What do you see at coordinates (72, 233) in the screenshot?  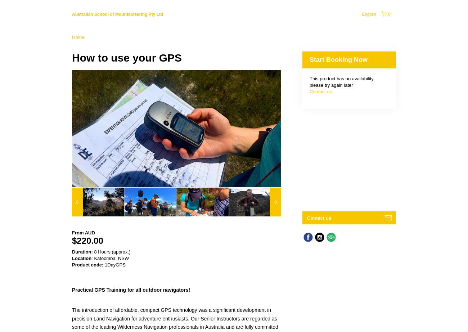 I see `'From'` at bounding box center [72, 233].